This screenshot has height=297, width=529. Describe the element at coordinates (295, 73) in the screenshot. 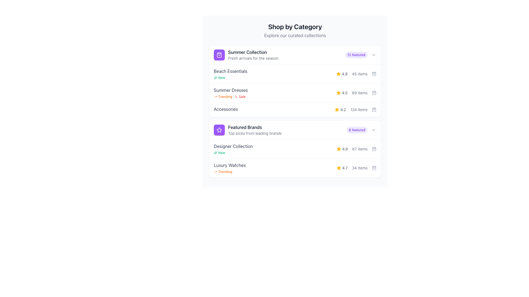

I see `the 'Beach Essentials' category list item located under the 'Shop by Category' section, specifically the second item in the vertical list` at that location.